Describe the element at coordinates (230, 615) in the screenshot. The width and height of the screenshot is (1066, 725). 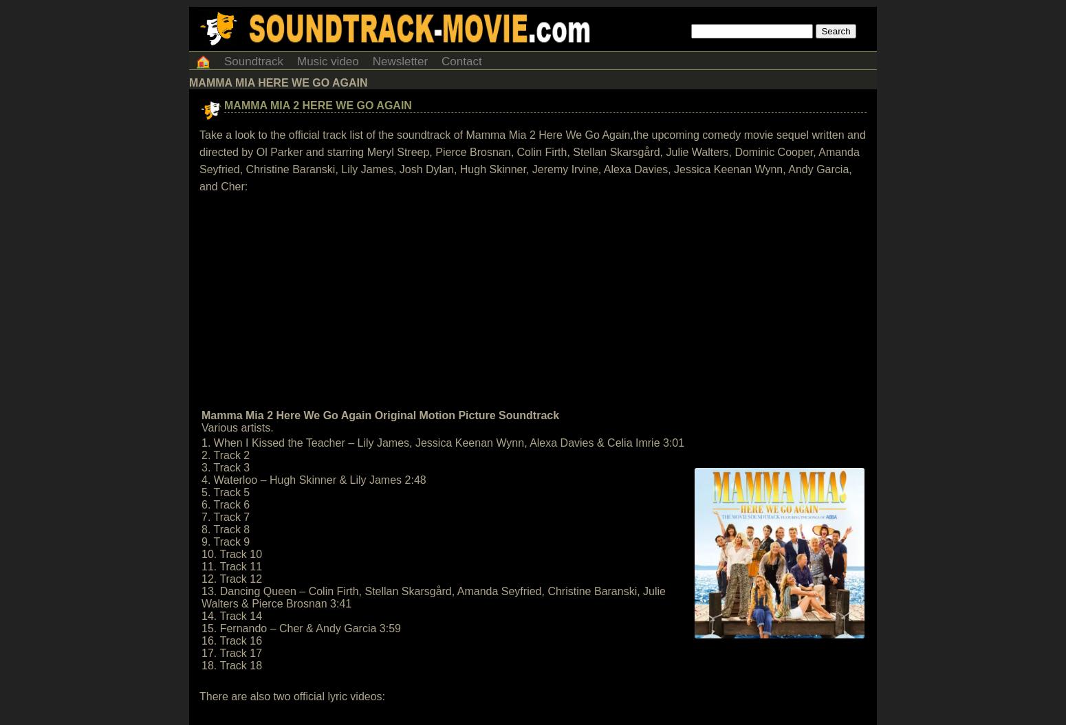
I see `'14. Track 14'` at that location.